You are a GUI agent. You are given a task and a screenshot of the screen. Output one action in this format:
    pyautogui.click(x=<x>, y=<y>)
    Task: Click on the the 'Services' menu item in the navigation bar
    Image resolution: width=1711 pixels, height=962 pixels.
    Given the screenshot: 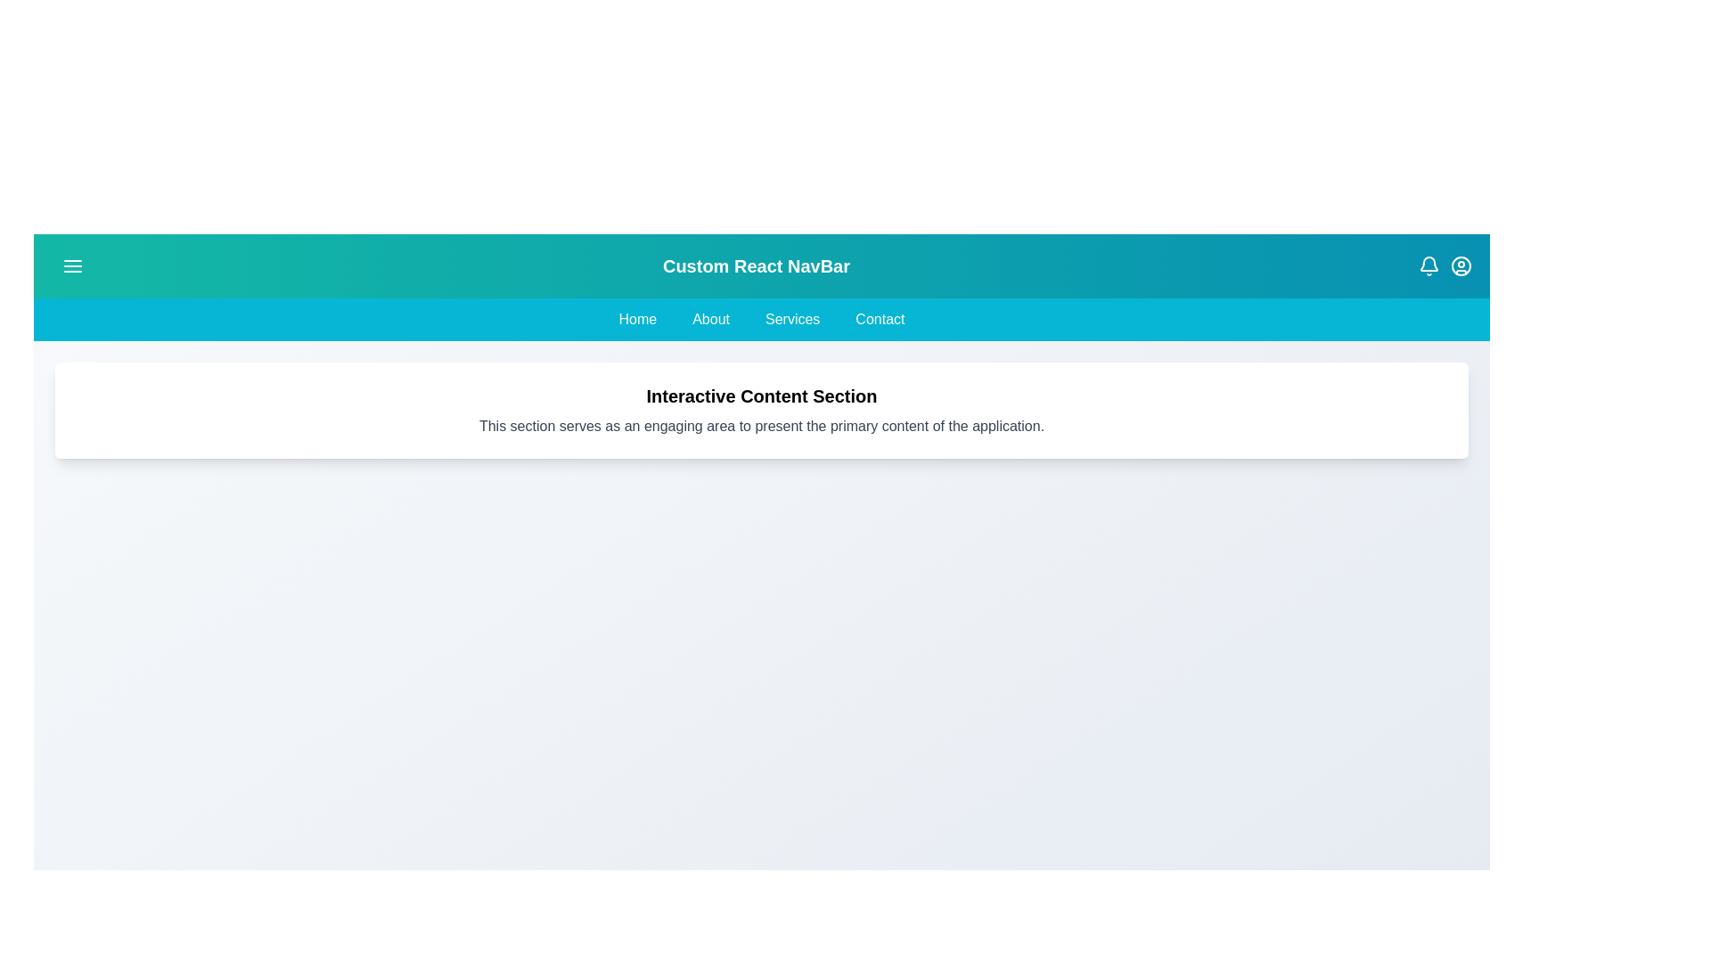 What is the action you would take?
    pyautogui.click(x=790, y=318)
    